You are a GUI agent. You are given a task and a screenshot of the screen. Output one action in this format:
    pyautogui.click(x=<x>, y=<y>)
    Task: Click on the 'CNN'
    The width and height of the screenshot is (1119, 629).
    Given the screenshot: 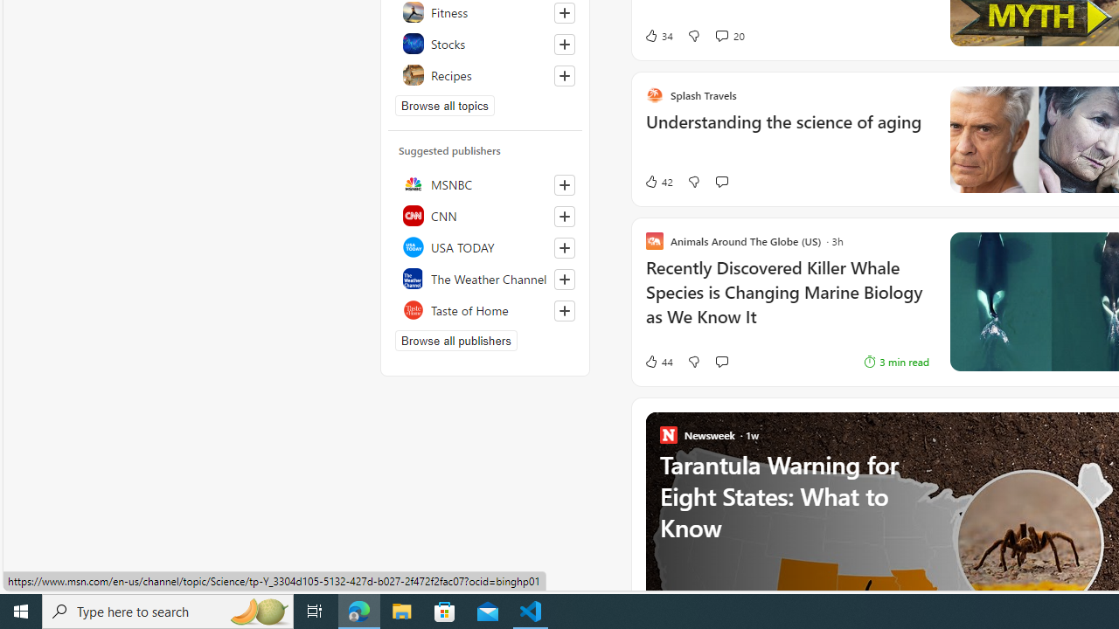 What is the action you would take?
    pyautogui.click(x=485, y=214)
    